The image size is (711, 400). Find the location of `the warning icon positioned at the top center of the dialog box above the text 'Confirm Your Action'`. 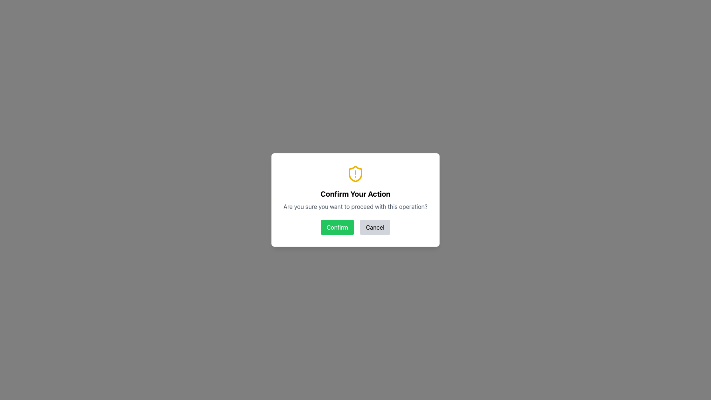

the warning icon positioned at the top center of the dialog box above the text 'Confirm Your Action' is located at coordinates (355, 174).